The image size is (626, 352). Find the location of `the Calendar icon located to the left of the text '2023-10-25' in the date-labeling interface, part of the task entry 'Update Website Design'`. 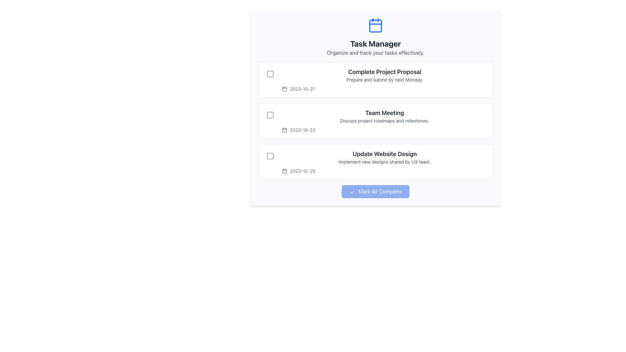

the Calendar icon located to the left of the text '2023-10-25' in the date-labeling interface, part of the task entry 'Update Website Design' is located at coordinates (285, 170).